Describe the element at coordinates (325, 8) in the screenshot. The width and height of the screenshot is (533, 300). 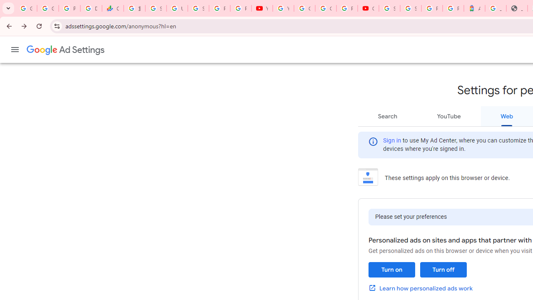
I see `'Create your Google Account'` at that location.